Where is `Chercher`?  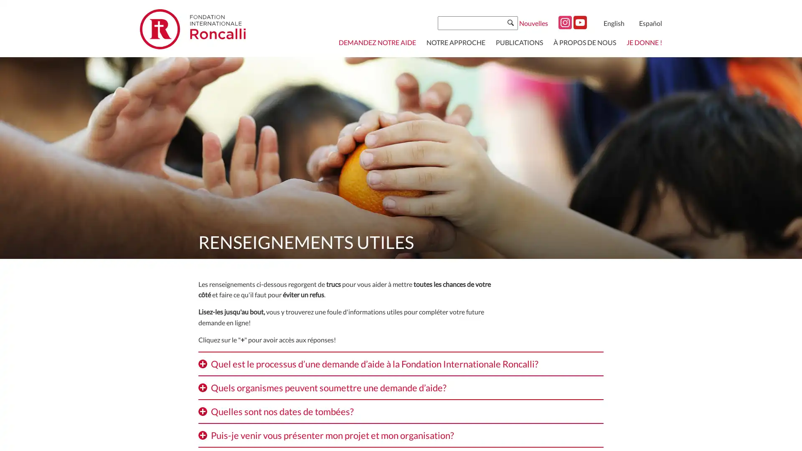
Chercher is located at coordinates (510, 22).